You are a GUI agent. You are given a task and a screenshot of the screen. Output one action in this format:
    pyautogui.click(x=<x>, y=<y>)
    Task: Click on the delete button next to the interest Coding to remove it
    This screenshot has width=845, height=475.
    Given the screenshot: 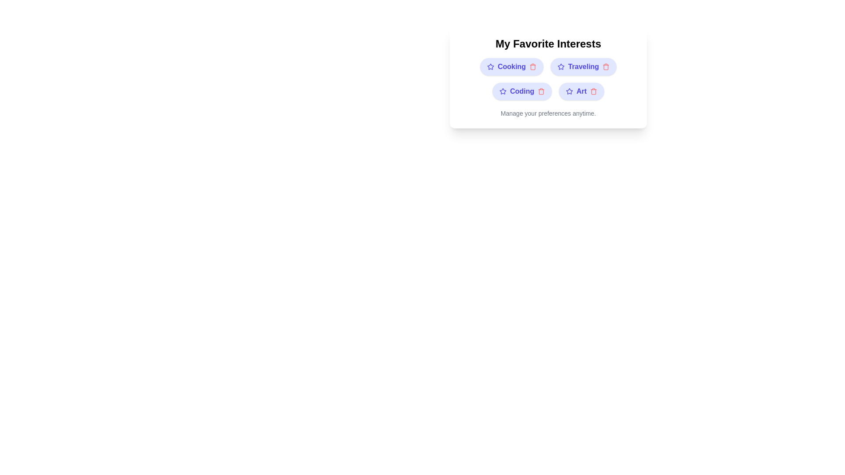 What is the action you would take?
    pyautogui.click(x=540, y=91)
    